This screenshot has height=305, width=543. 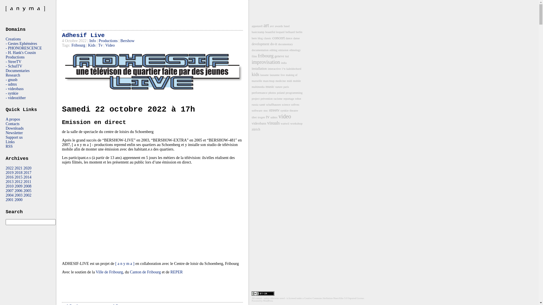 What do you see at coordinates (278, 38) in the screenshot?
I see `'concert'` at bounding box center [278, 38].